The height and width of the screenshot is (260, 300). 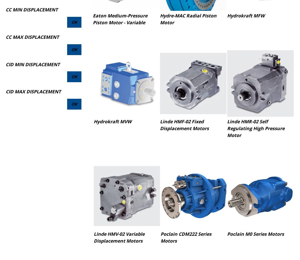 What do you see at coordinates (186, 237) in the screenshot?
I see `'Poclain CDM222 Series Motors'` at bounding box center [186, 237].